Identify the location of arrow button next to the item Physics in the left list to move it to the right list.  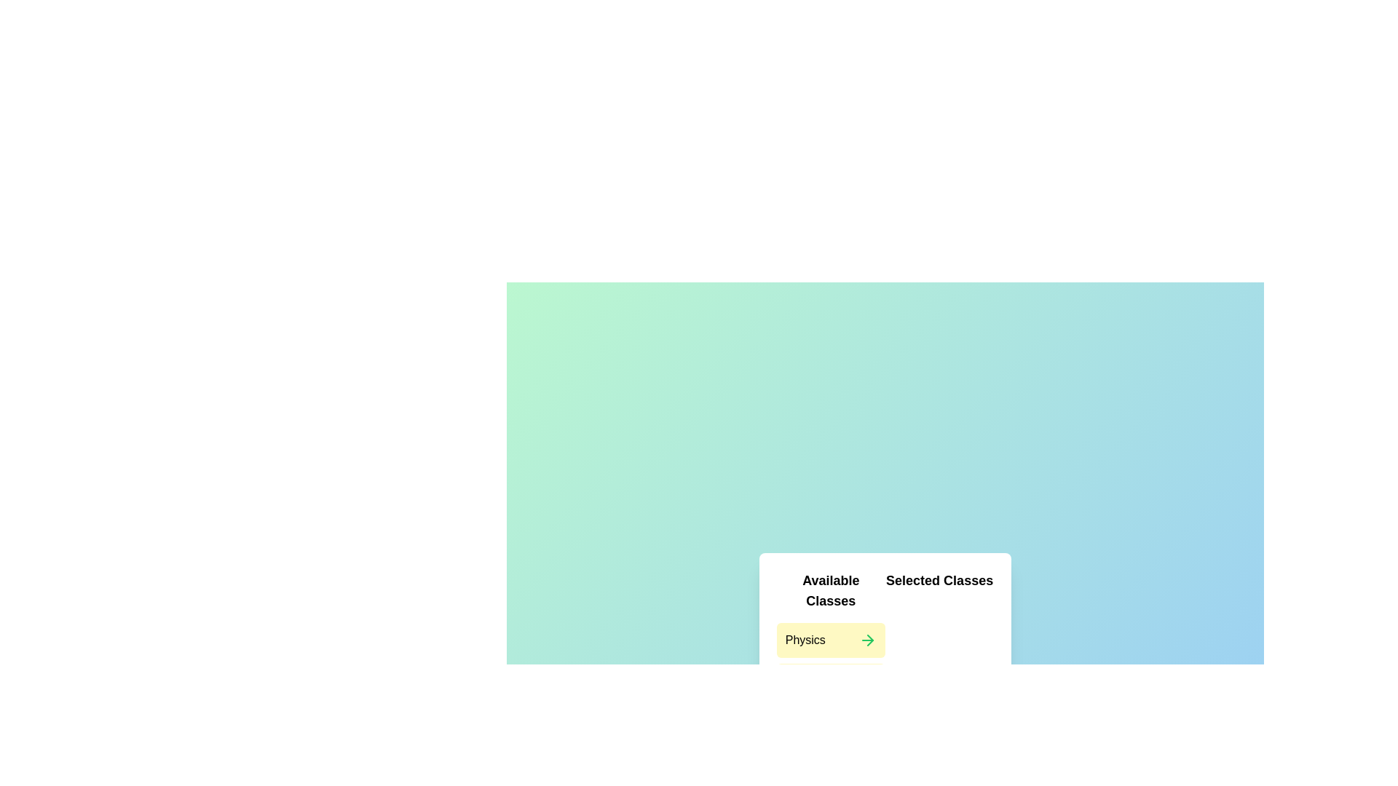
(867, 639).